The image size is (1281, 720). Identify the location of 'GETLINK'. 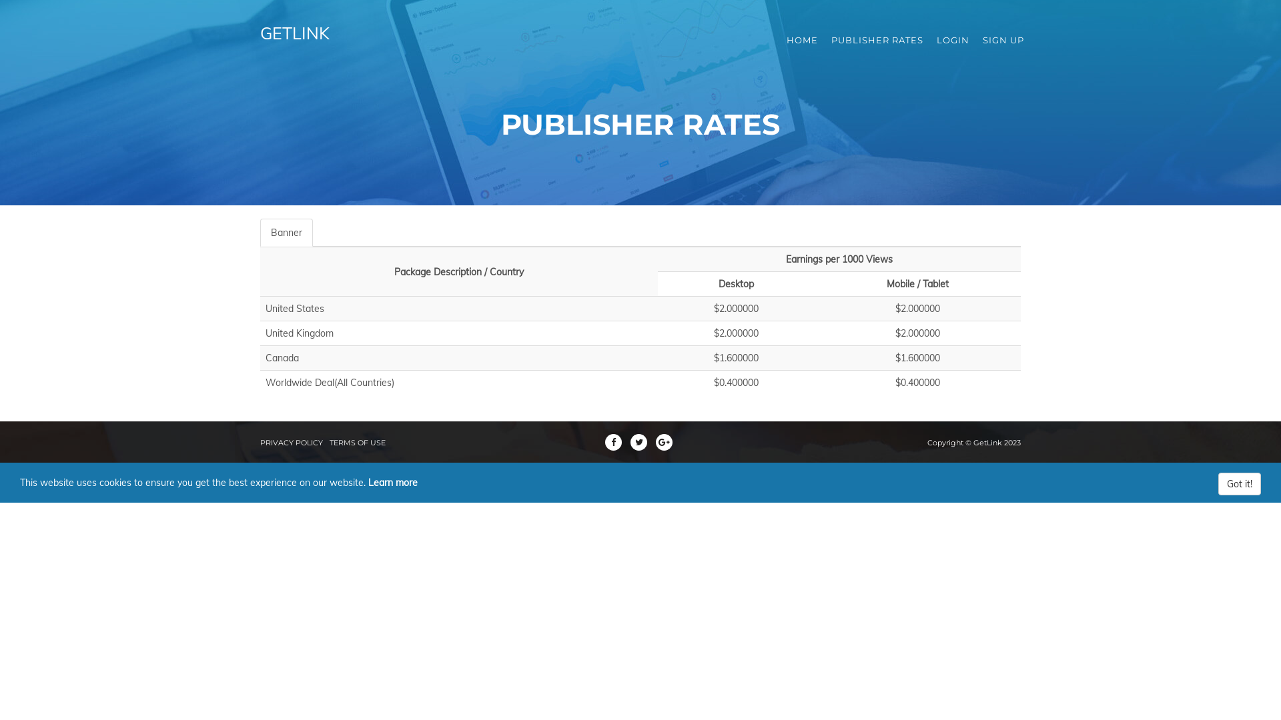
(250, 39).